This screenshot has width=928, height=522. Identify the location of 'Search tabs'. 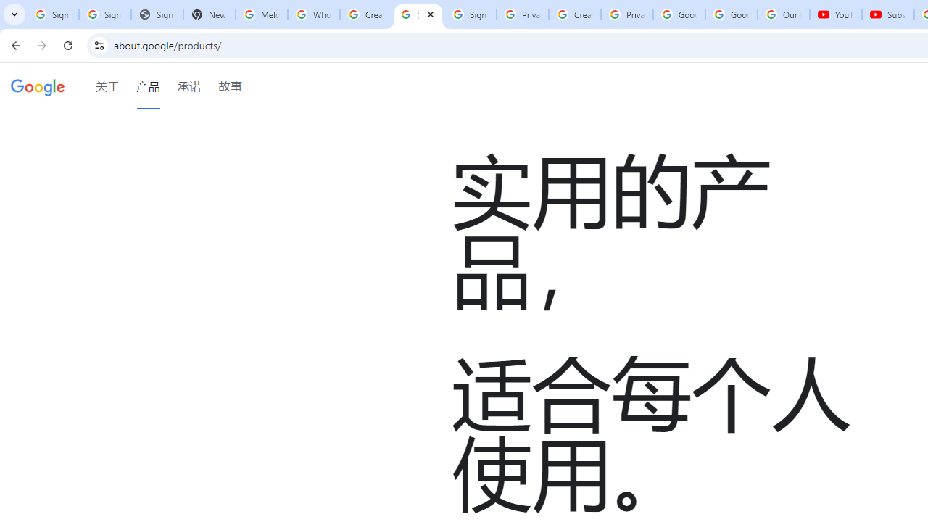
(14, 14).